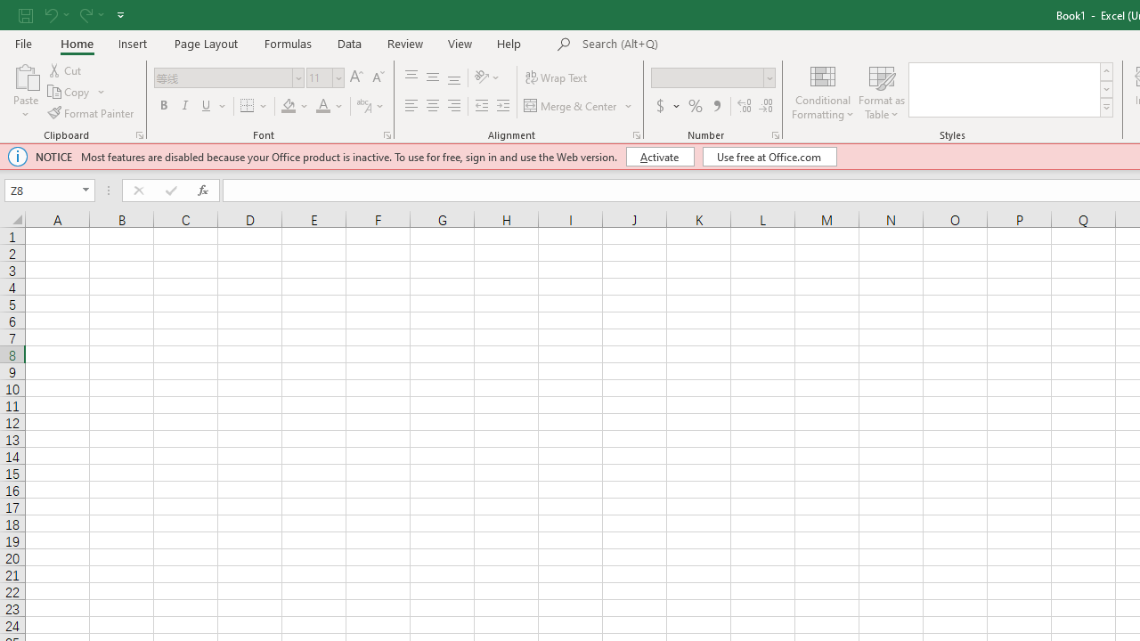 This screenshot has height=641, width=1140. Describe the element at coordinates (295, 106) in the screenshot. I see `'Fill Color'` at that location.